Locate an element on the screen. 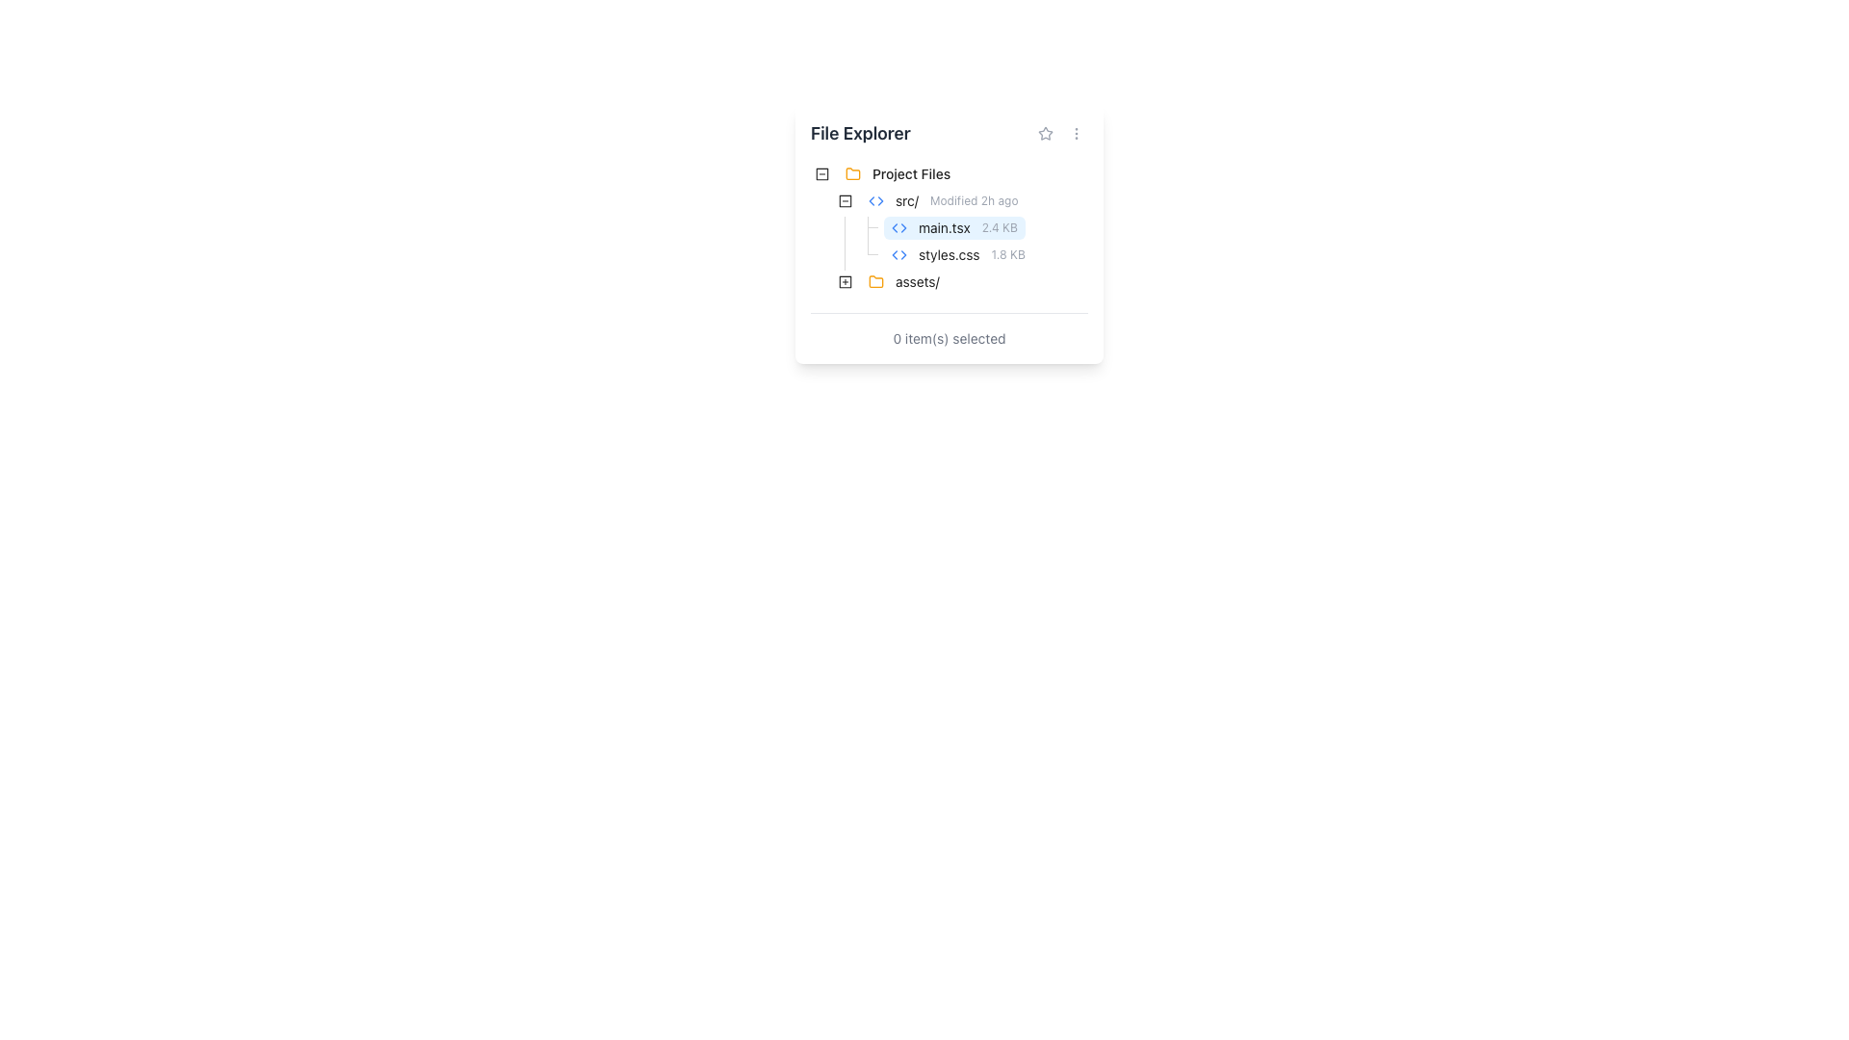 This screenshot has width=1849, height=1040. the Decorative indentation marker element in the tree structure under 'Project Files', associated with the 'assets/' item is located at coordinates (822, 282).